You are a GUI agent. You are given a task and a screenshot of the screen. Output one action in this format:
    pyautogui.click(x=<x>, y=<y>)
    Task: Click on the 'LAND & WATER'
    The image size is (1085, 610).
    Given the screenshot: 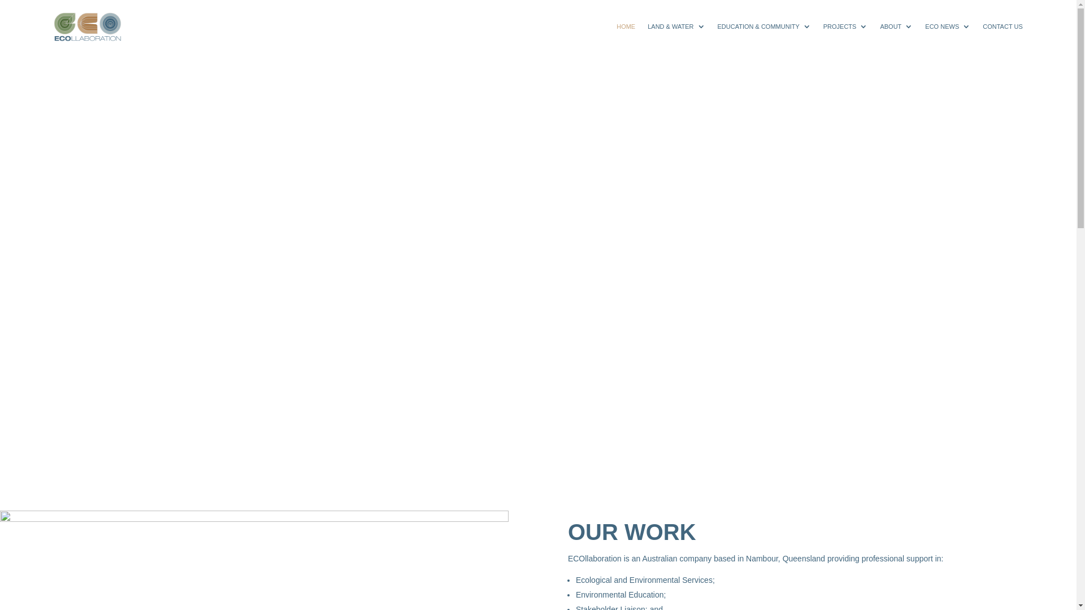 What is the action you would take?
    pyautogui.click(x=676, y=26)
    